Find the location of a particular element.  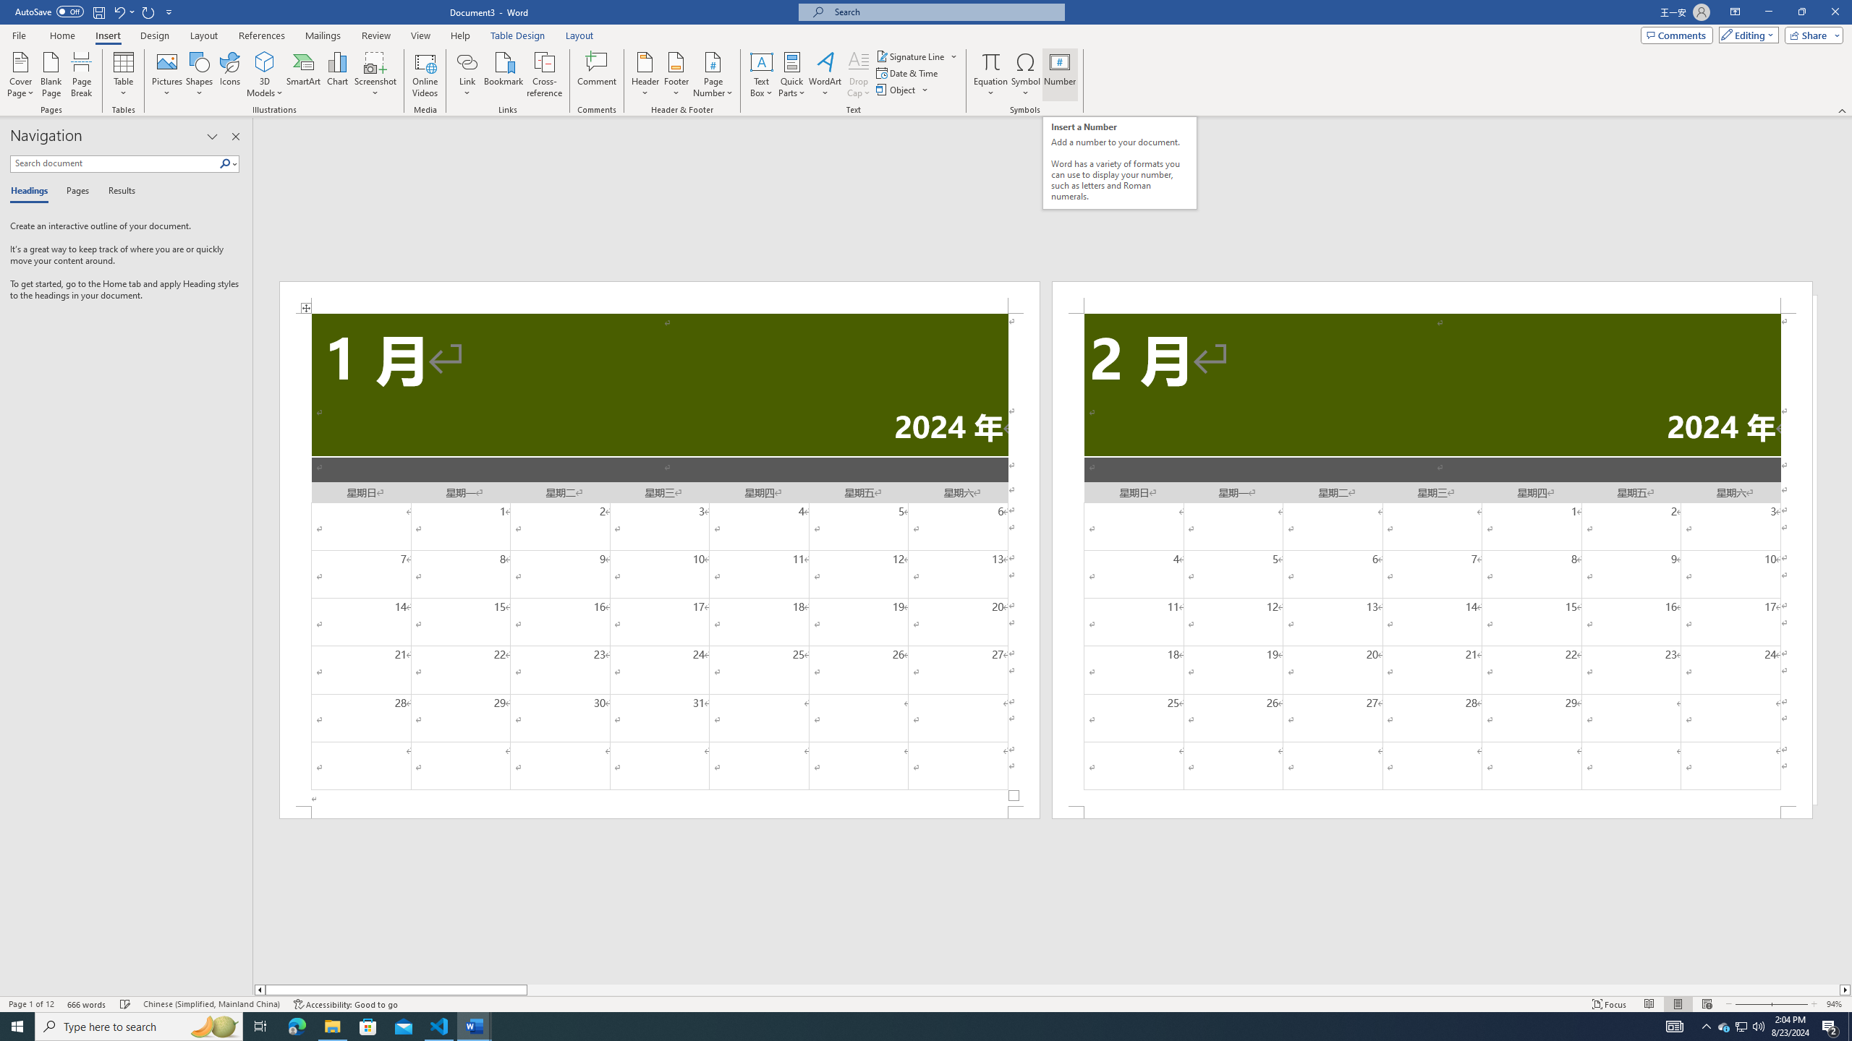

'Equation' is located at coordinates (990, 74).